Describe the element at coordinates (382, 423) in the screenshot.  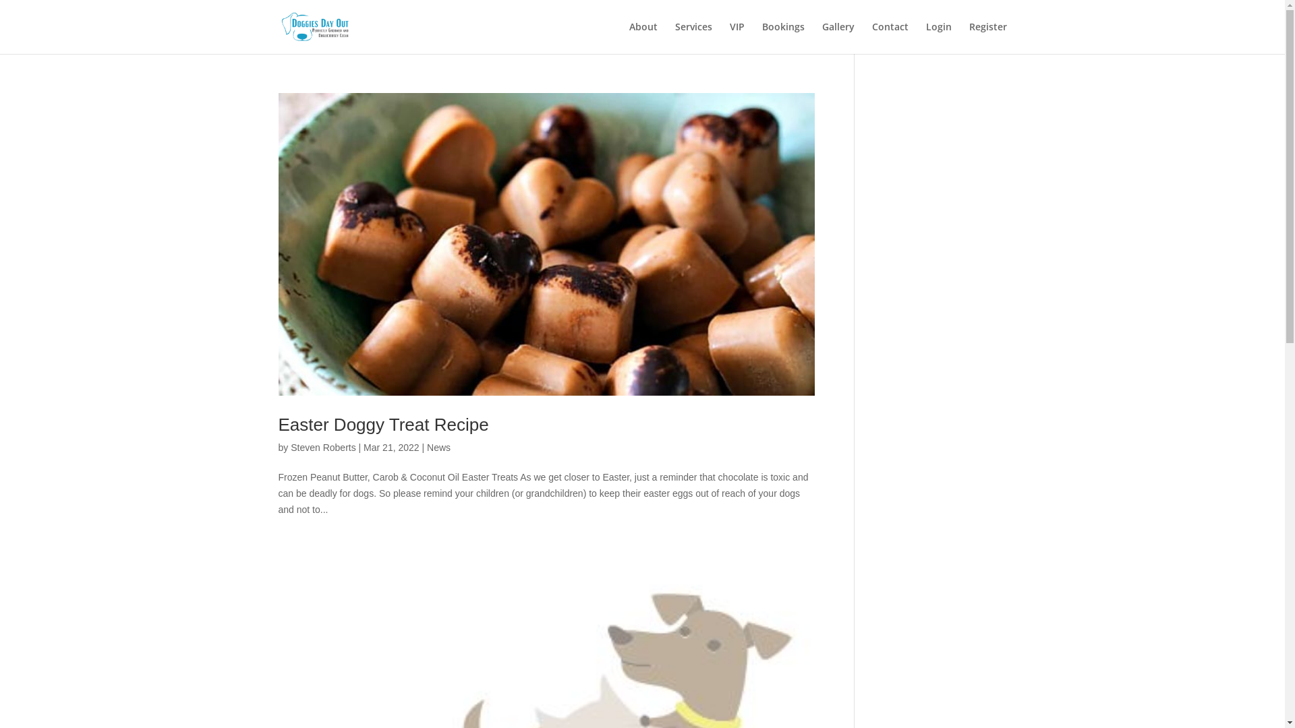
I see `'Easter Doggy Treat Recipe'` at that location.